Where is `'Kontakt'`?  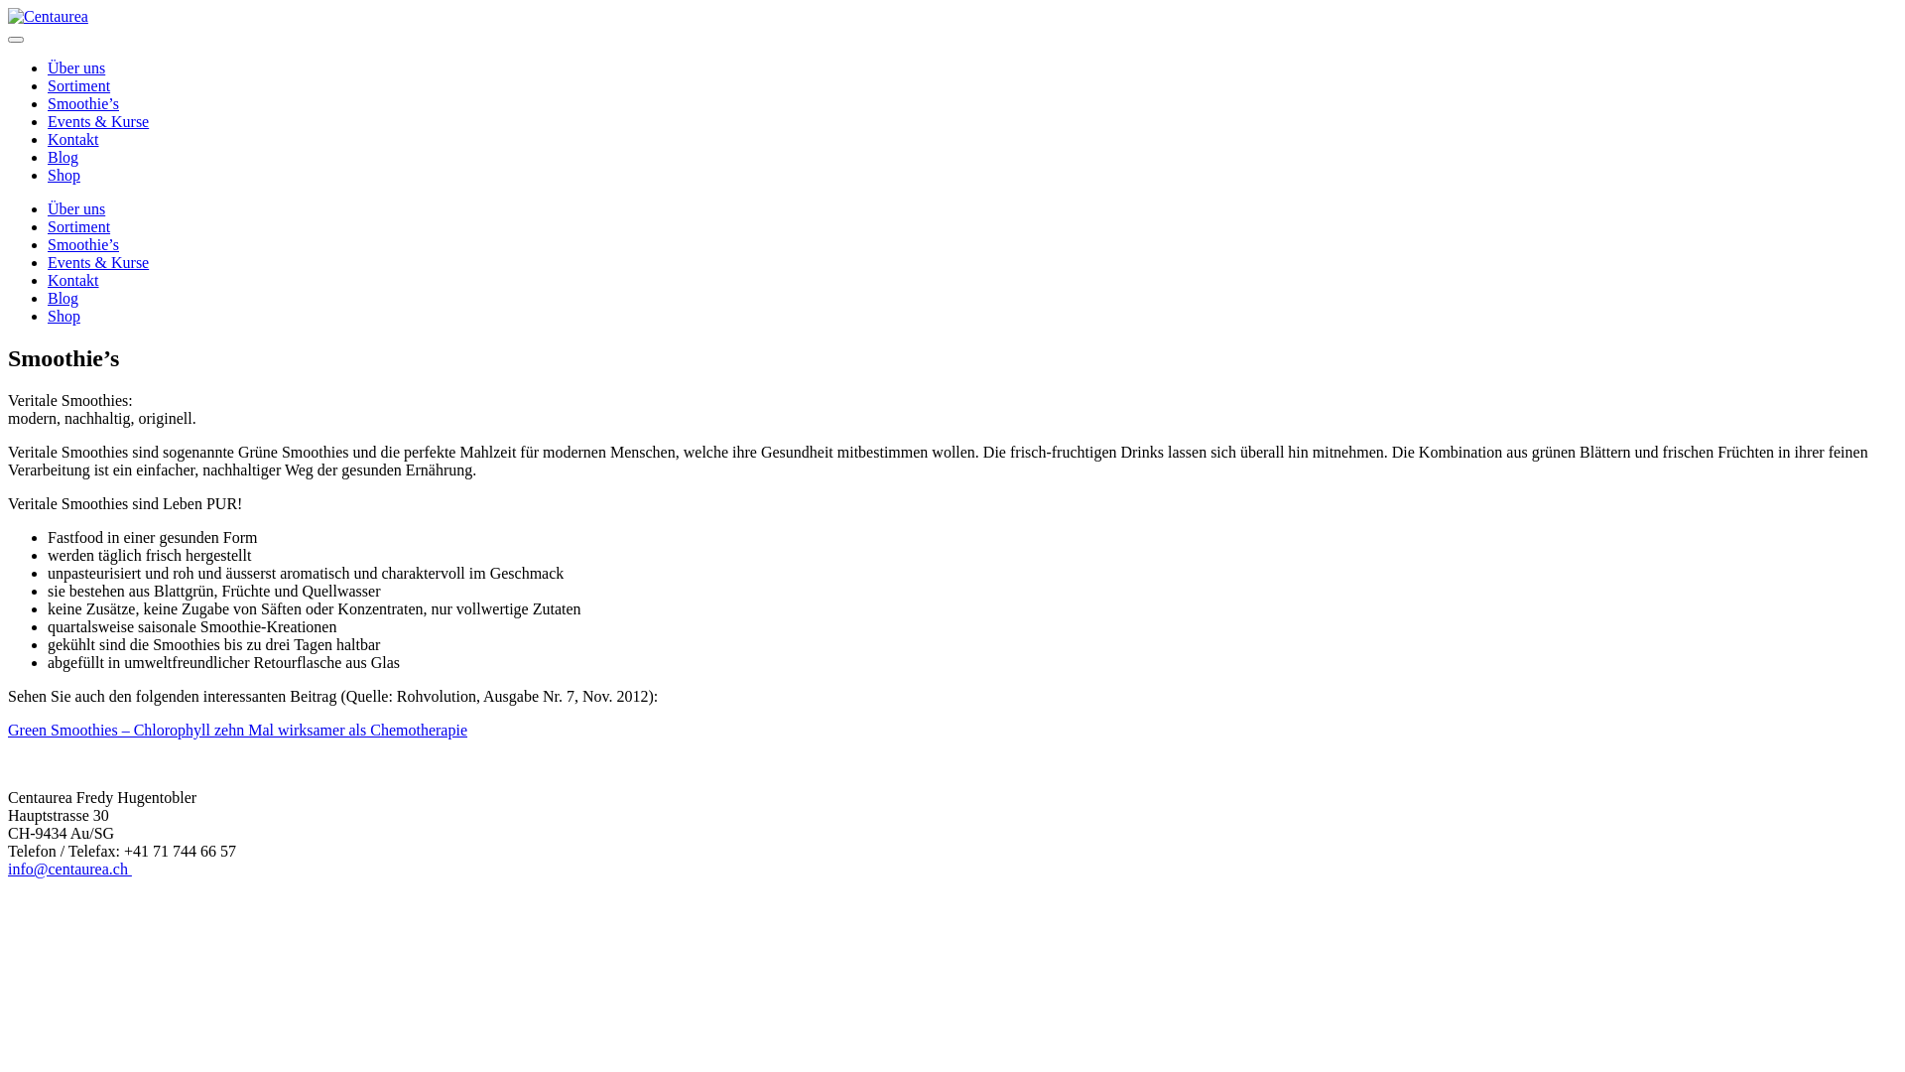
'Kontakt' is located at coordinates (72, 280).